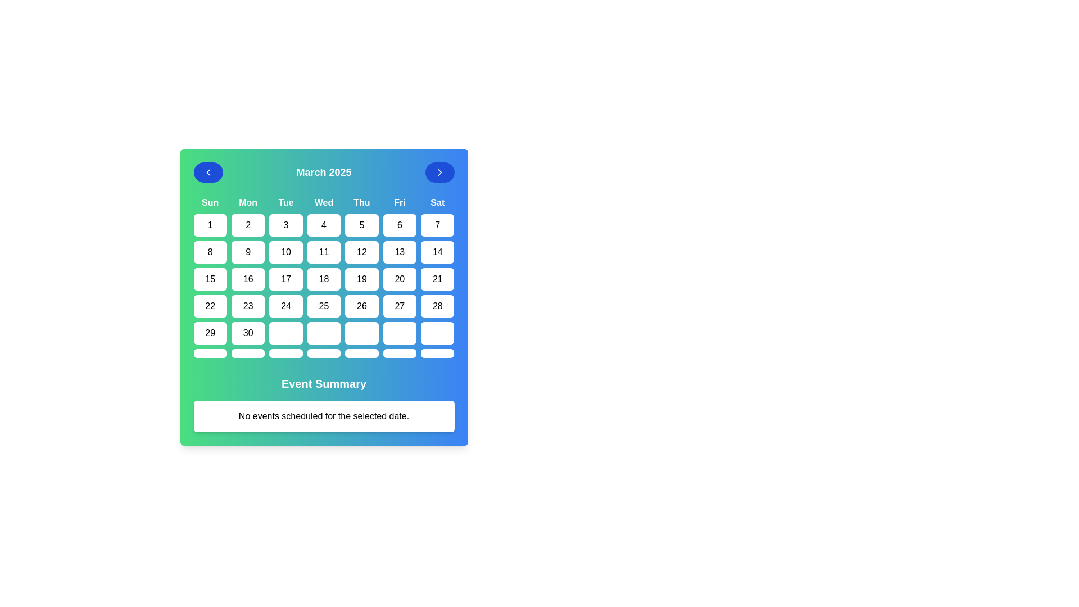 The width and height of the screenshot is (1079, 607). What do you see at coordinates (400, 225) in the screenshot?
I see `the button displaying the number '6' in the calendar grid under the 'Friday' column` at bounding box center [400, 225].